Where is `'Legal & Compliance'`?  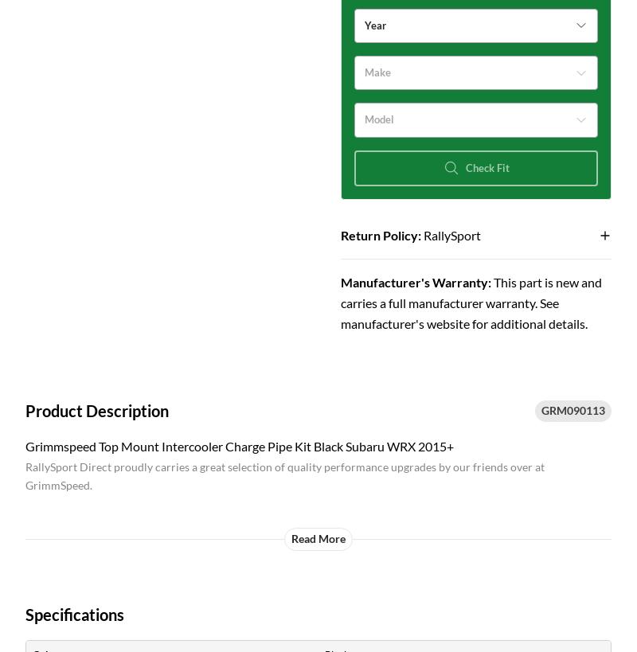
'Legal & Compliance' is located at coordinates (556, 124).